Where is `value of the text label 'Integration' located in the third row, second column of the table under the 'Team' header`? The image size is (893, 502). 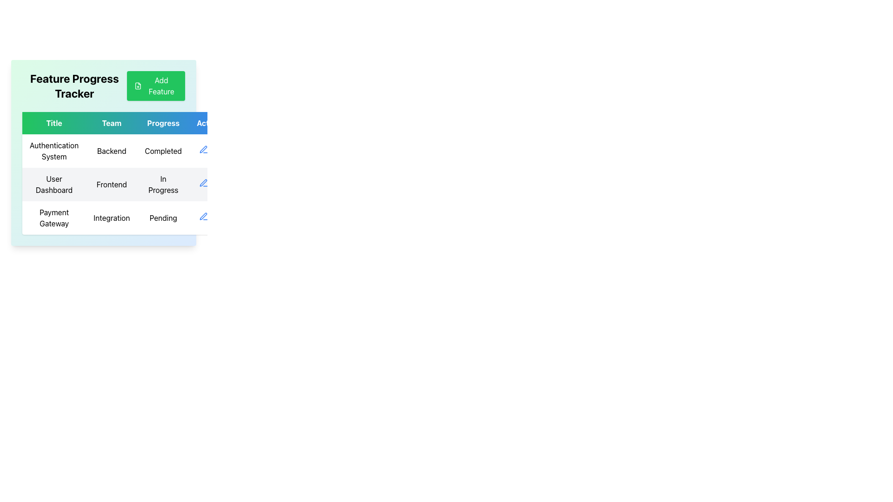 value of the text label 'Integration' located in the third row, second column of the table under the 'Team' header is located at coordinates (112, 218).